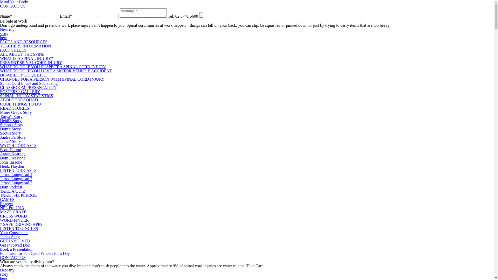  Describe the element at coordinates (11, 187) in the screenshot. I see `'Dom Podcast'` at that location.